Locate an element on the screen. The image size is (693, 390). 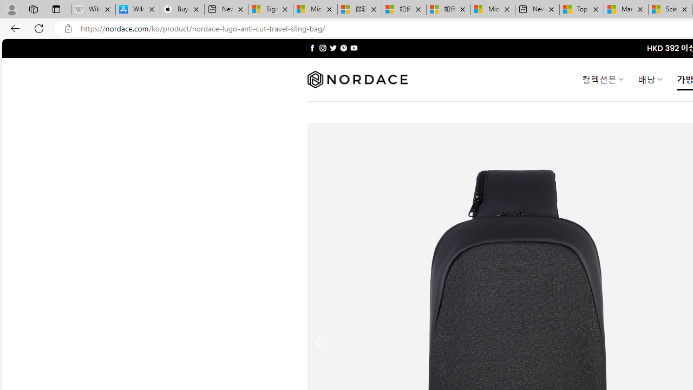
'Follow on Instagram' is located at coordinates (322, 48).